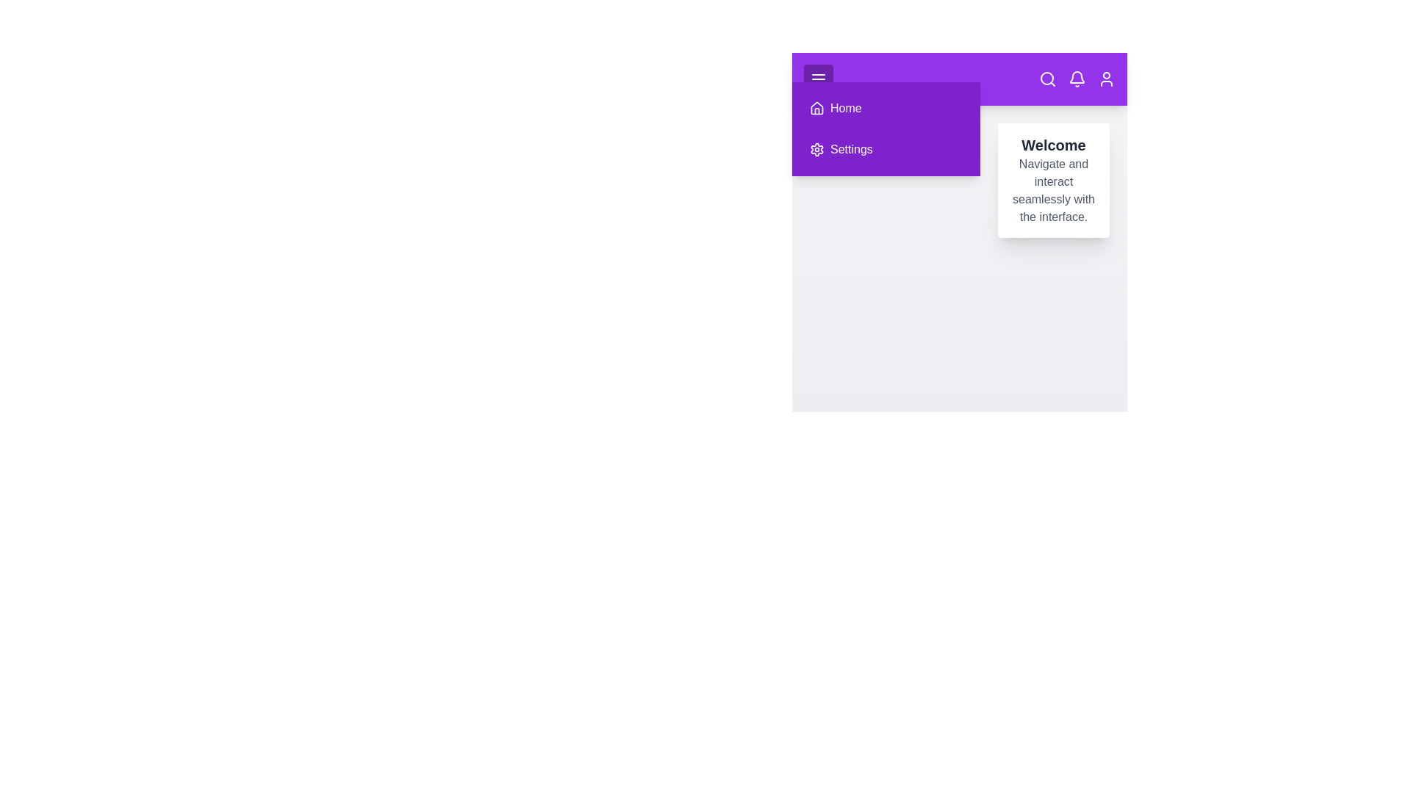 This screenshot has height=793, width=1411. I want to click on the 'Home' menu item in the navigation bar, so click(885, 107).